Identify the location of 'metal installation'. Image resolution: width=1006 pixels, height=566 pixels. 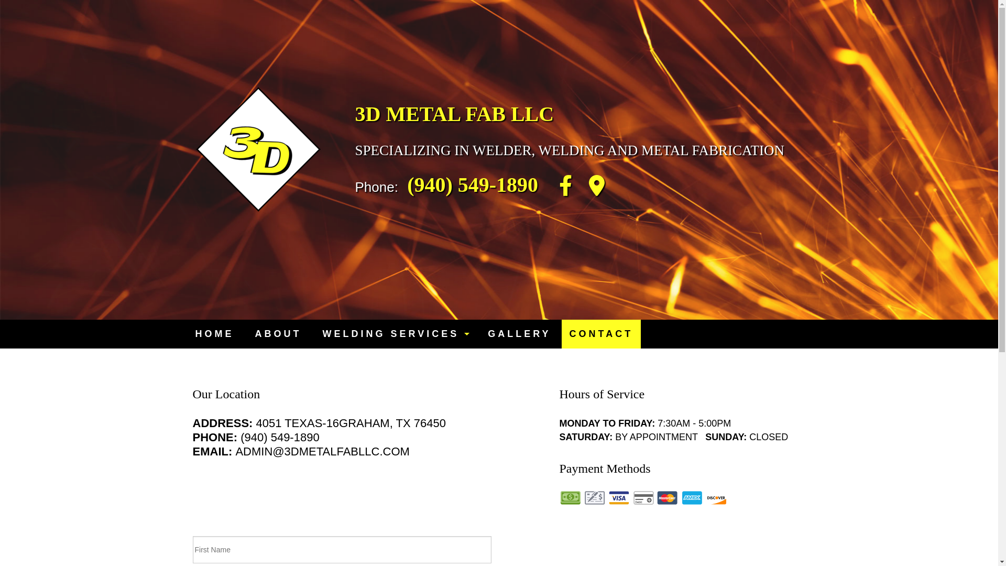
(311, 463).